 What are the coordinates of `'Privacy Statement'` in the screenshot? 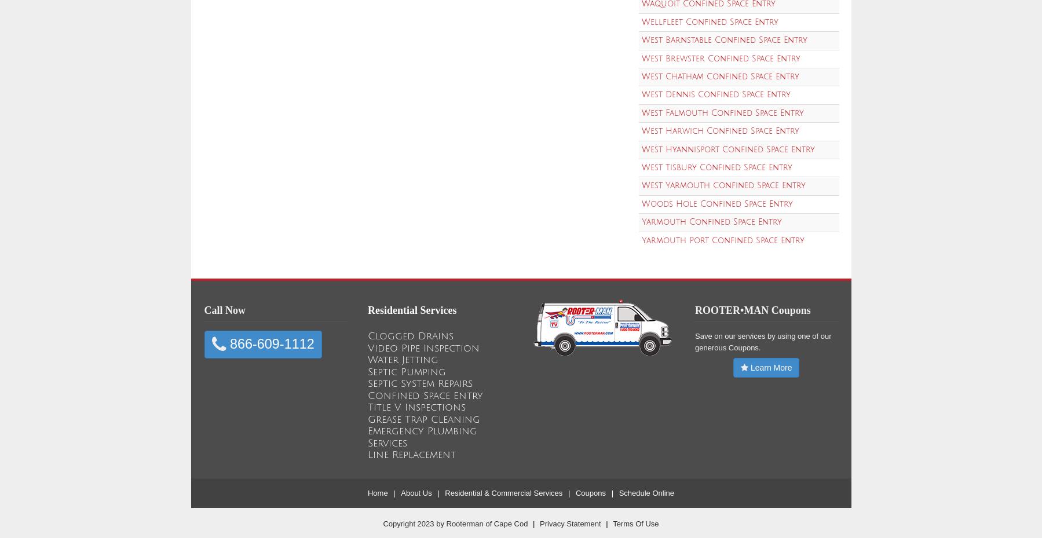 It's located at (540, 523).